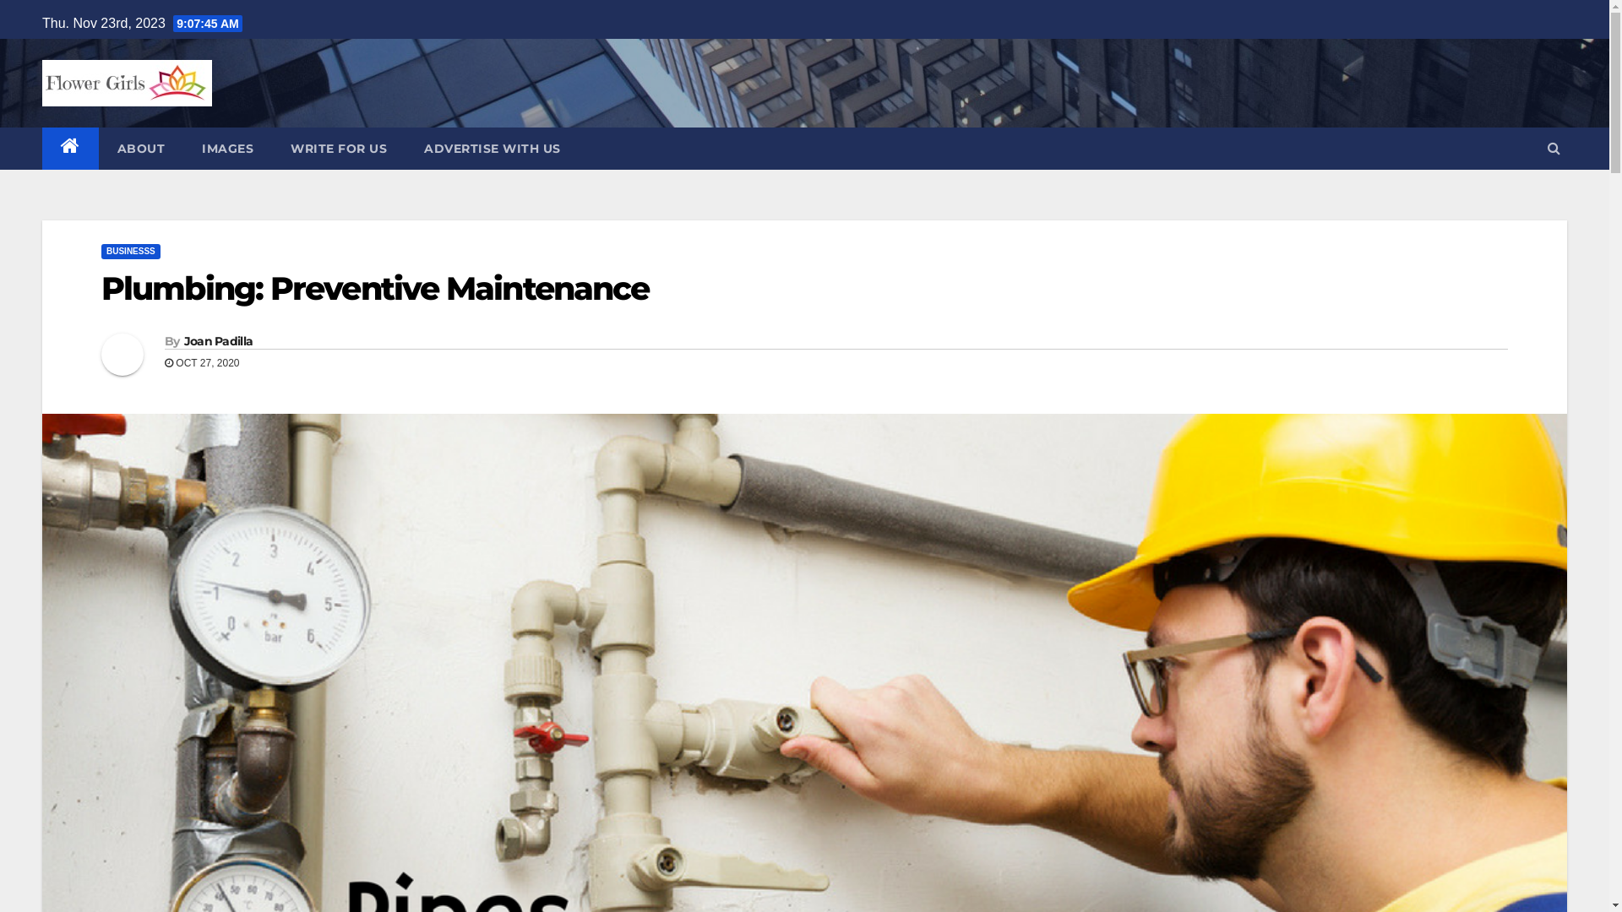 Image resolution: width=1622 pixels, height=912 pixels. Describe the element at coordinates (140, 148) in the screenshot. I see `'ABOUT'` at that location.